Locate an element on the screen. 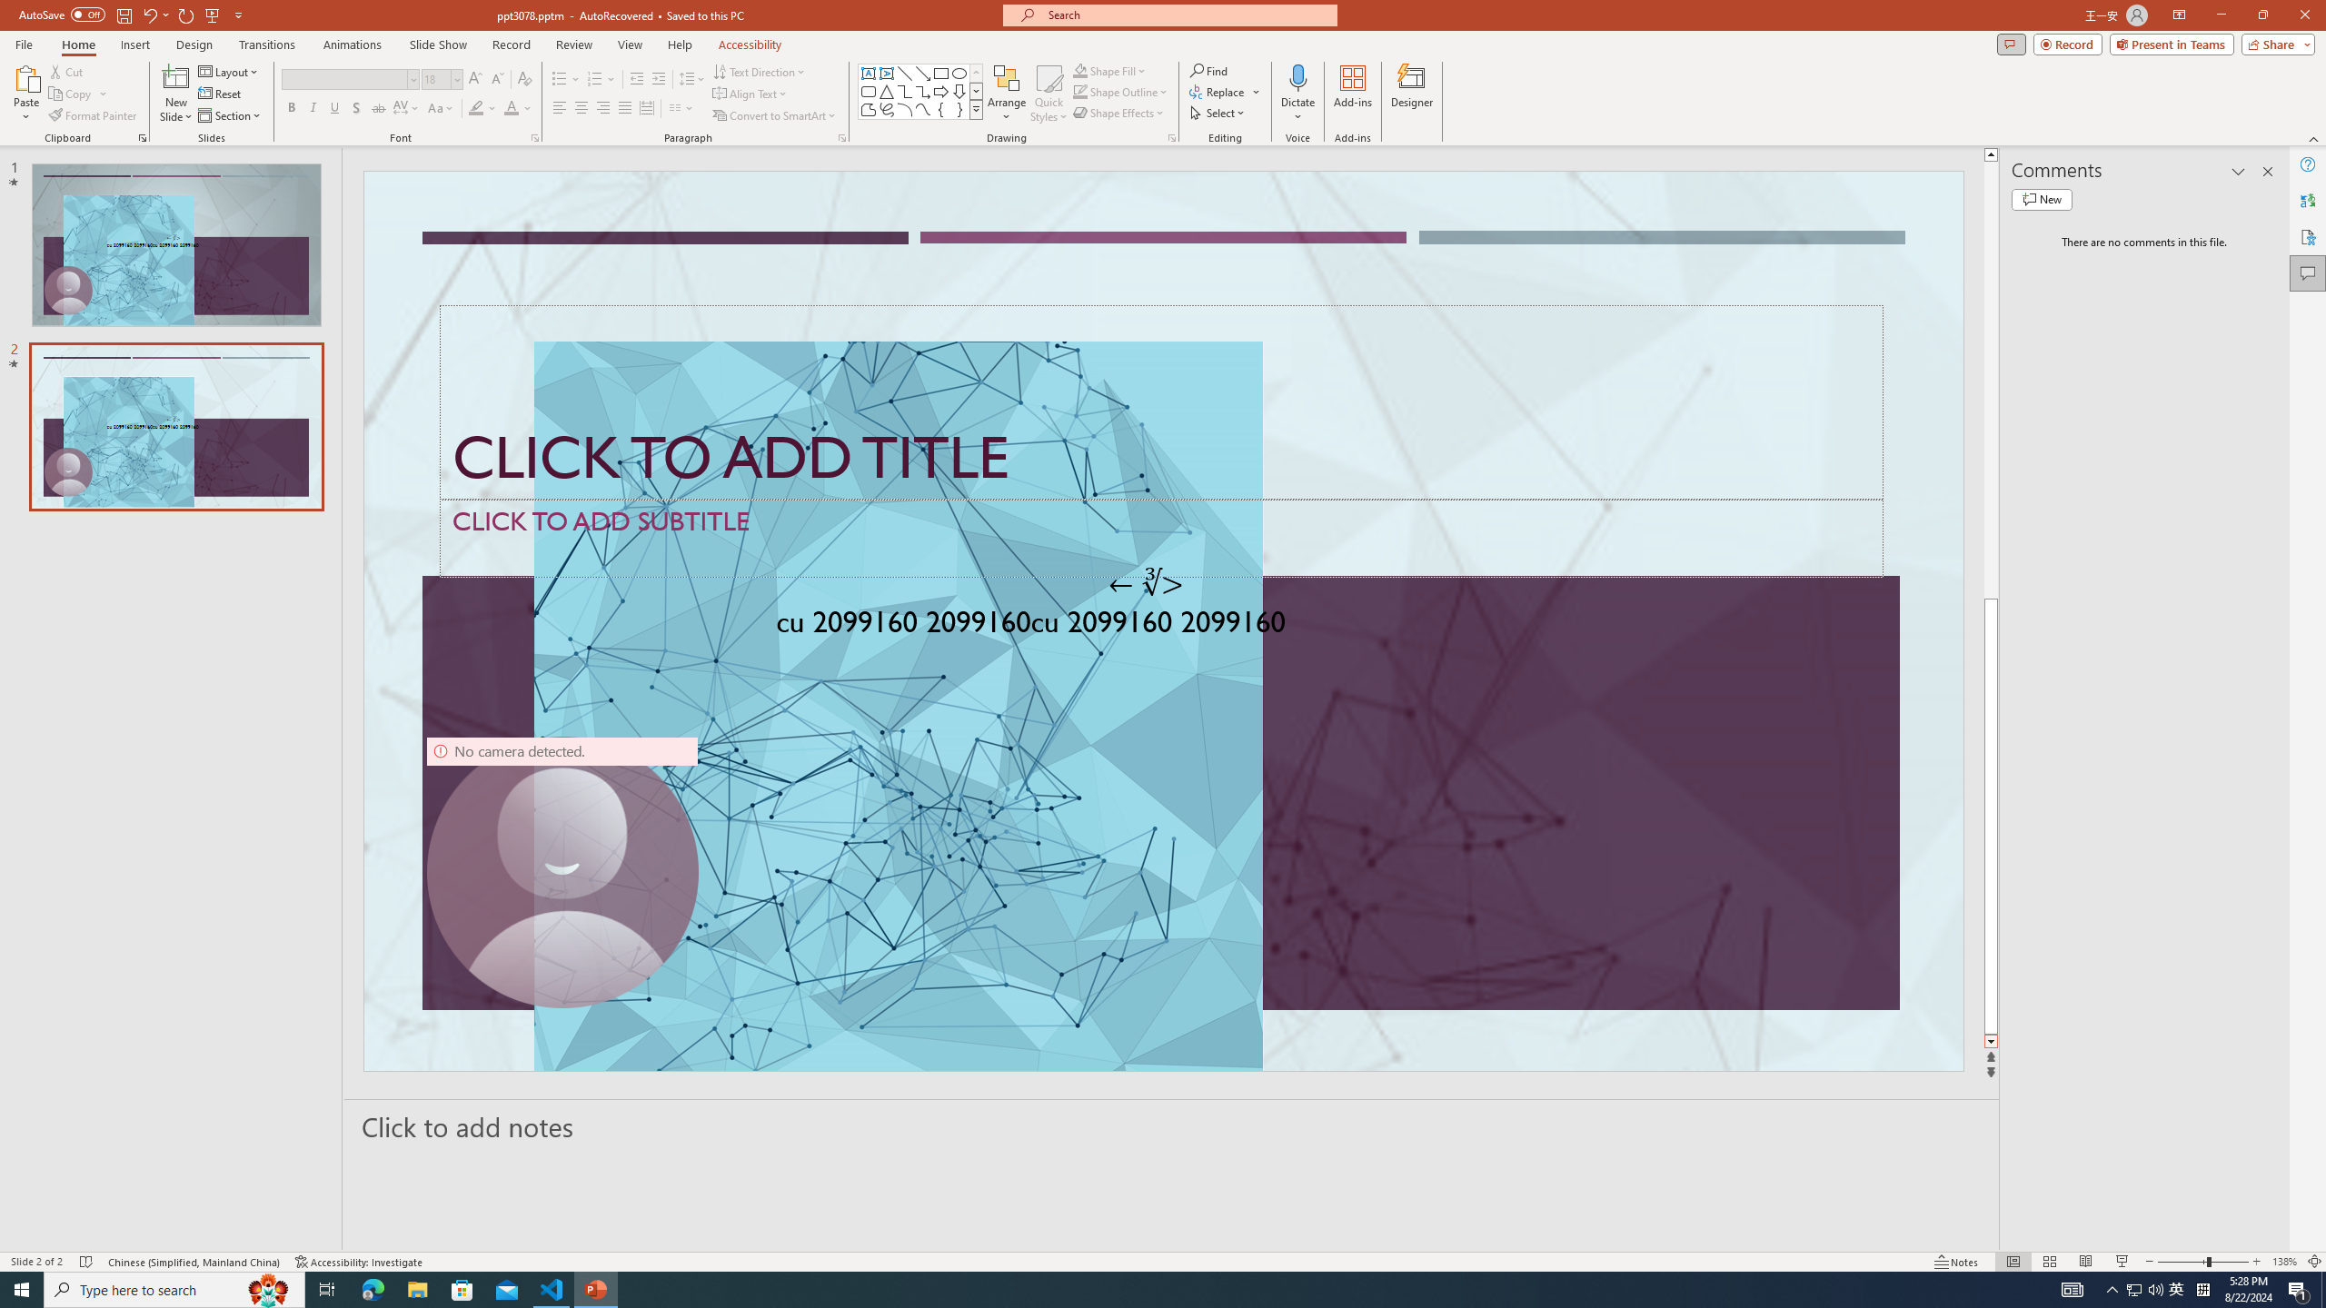 The width and height of the screenshot is (2326, 1308). 'Shape Effects' is located at coordinates (1118, 111).